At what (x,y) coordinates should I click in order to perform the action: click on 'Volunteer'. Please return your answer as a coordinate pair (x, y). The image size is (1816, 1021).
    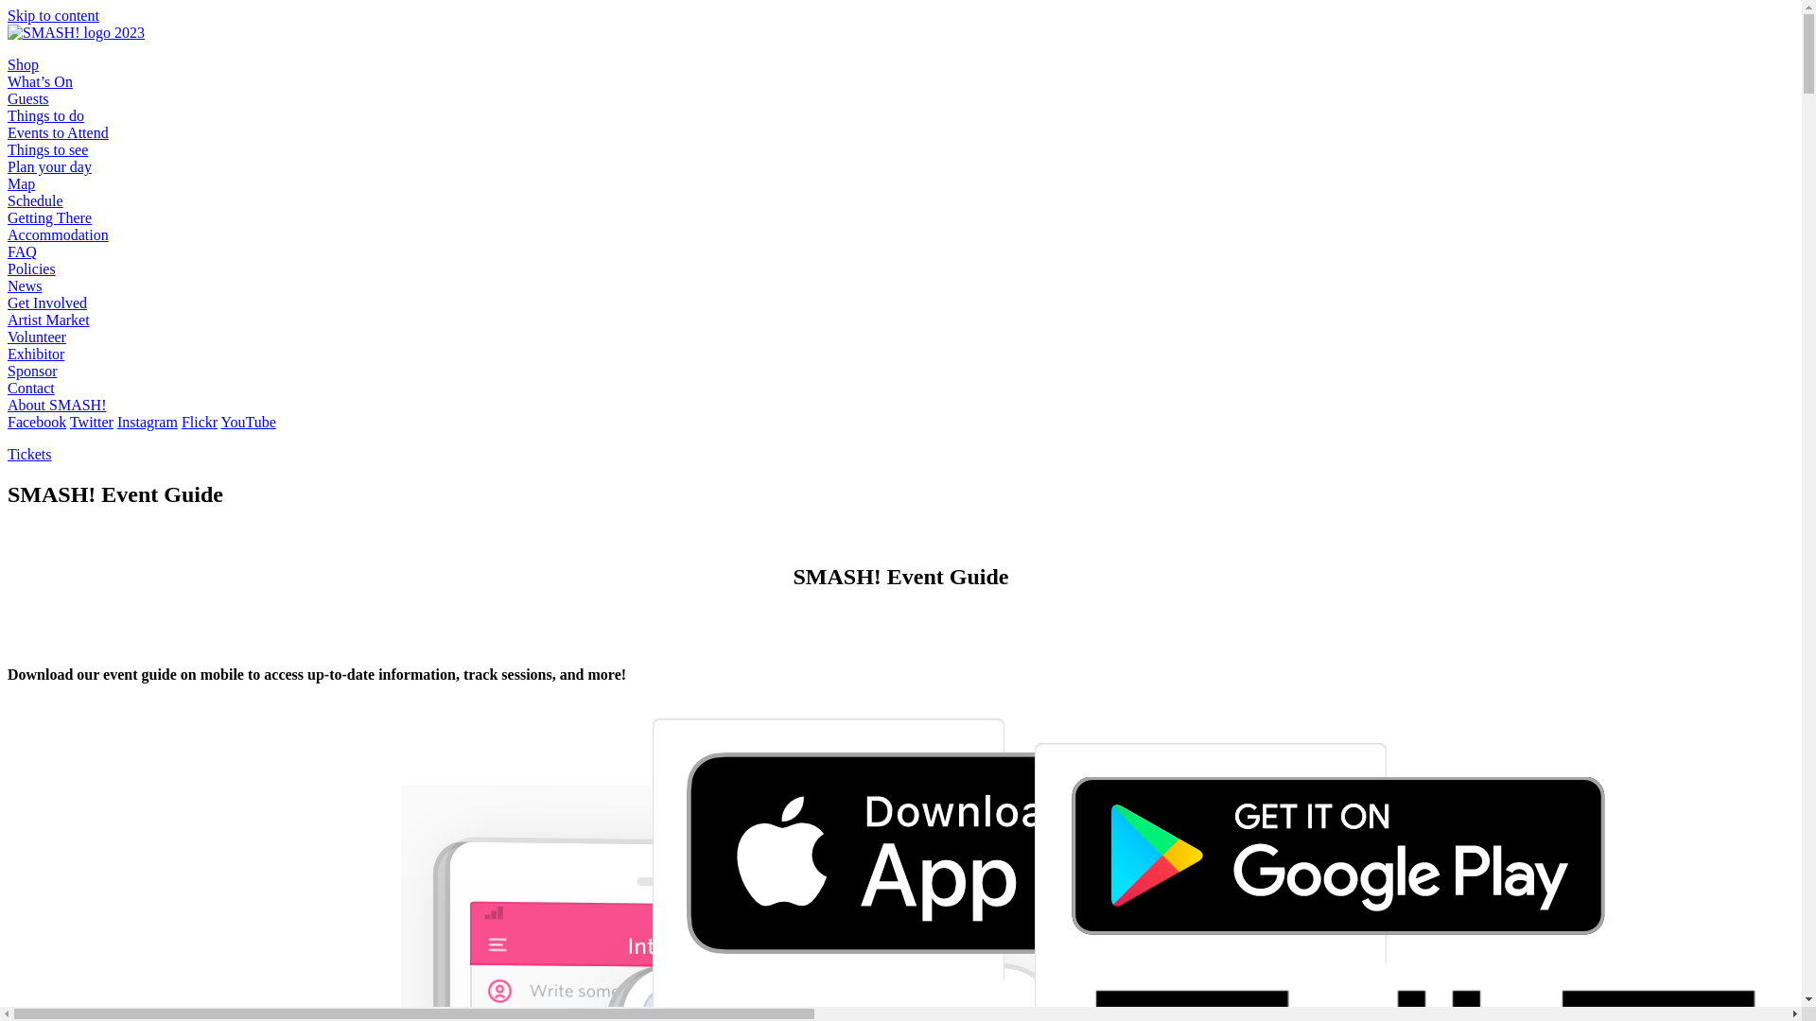
    Looking at the image, I should click on (36, 336).